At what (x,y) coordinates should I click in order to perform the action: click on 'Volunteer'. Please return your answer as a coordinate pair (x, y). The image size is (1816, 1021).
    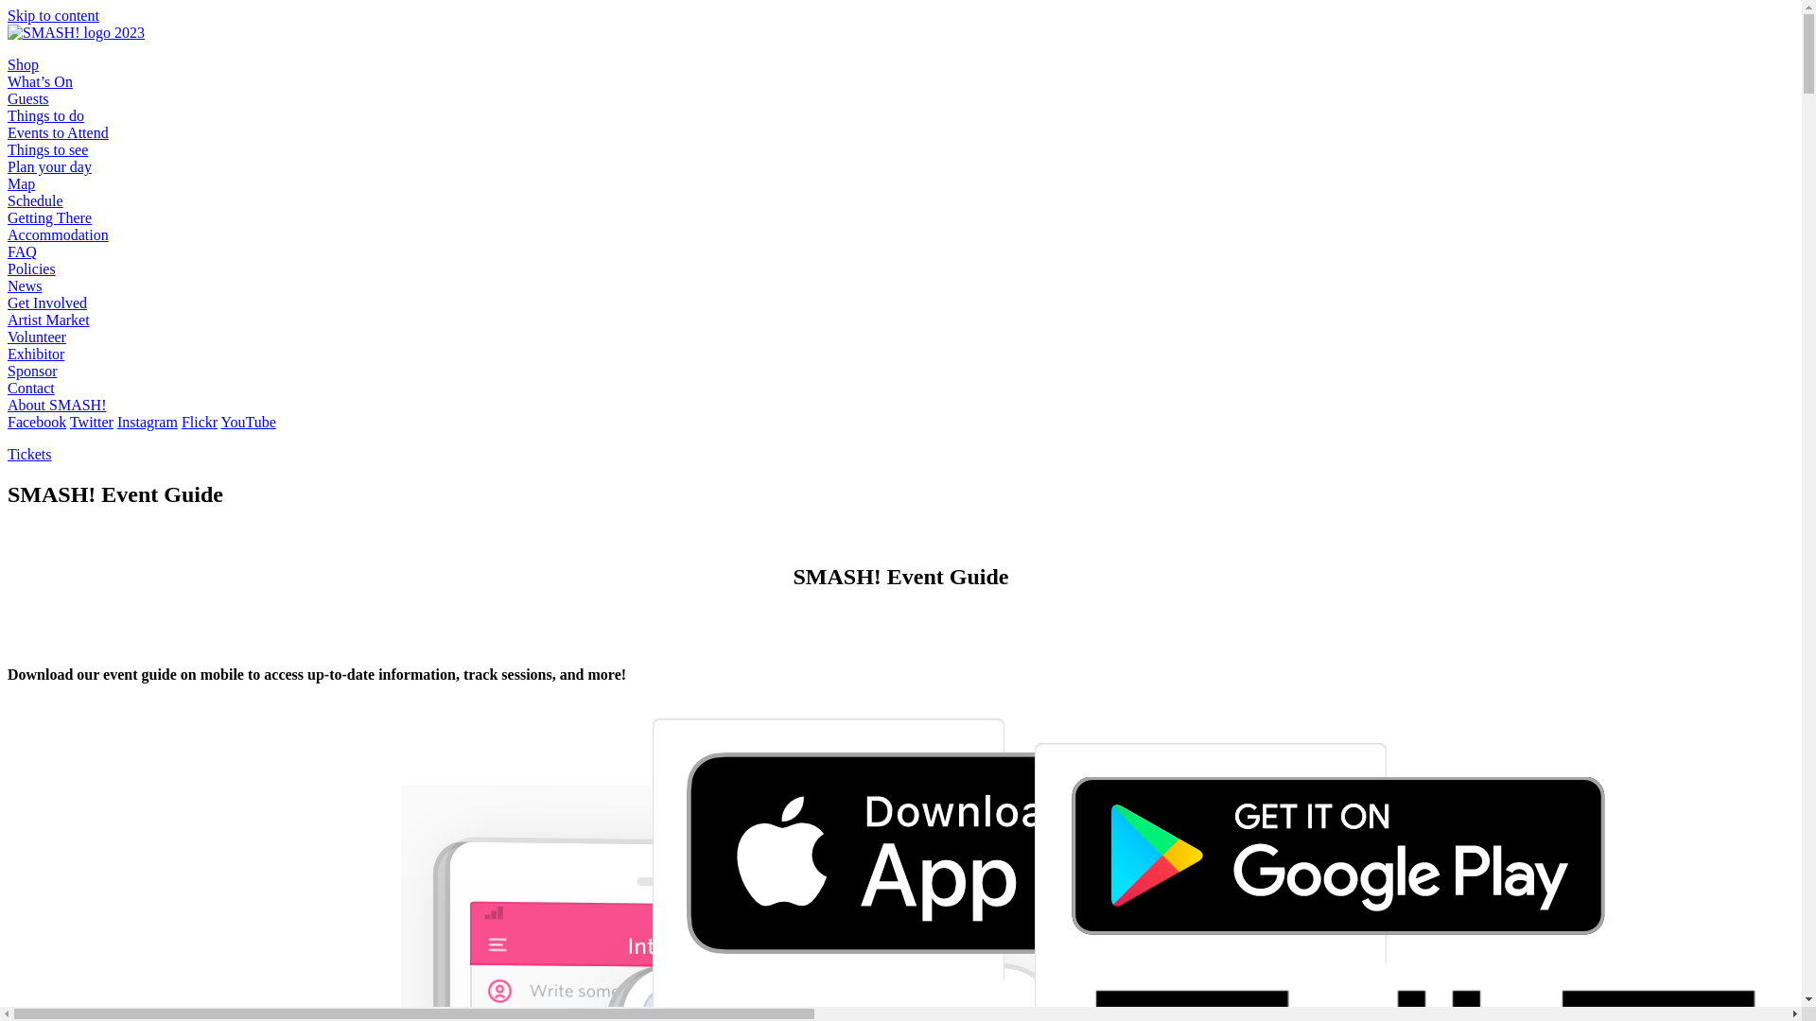
    Looking at the image, I should click on (36, 336).